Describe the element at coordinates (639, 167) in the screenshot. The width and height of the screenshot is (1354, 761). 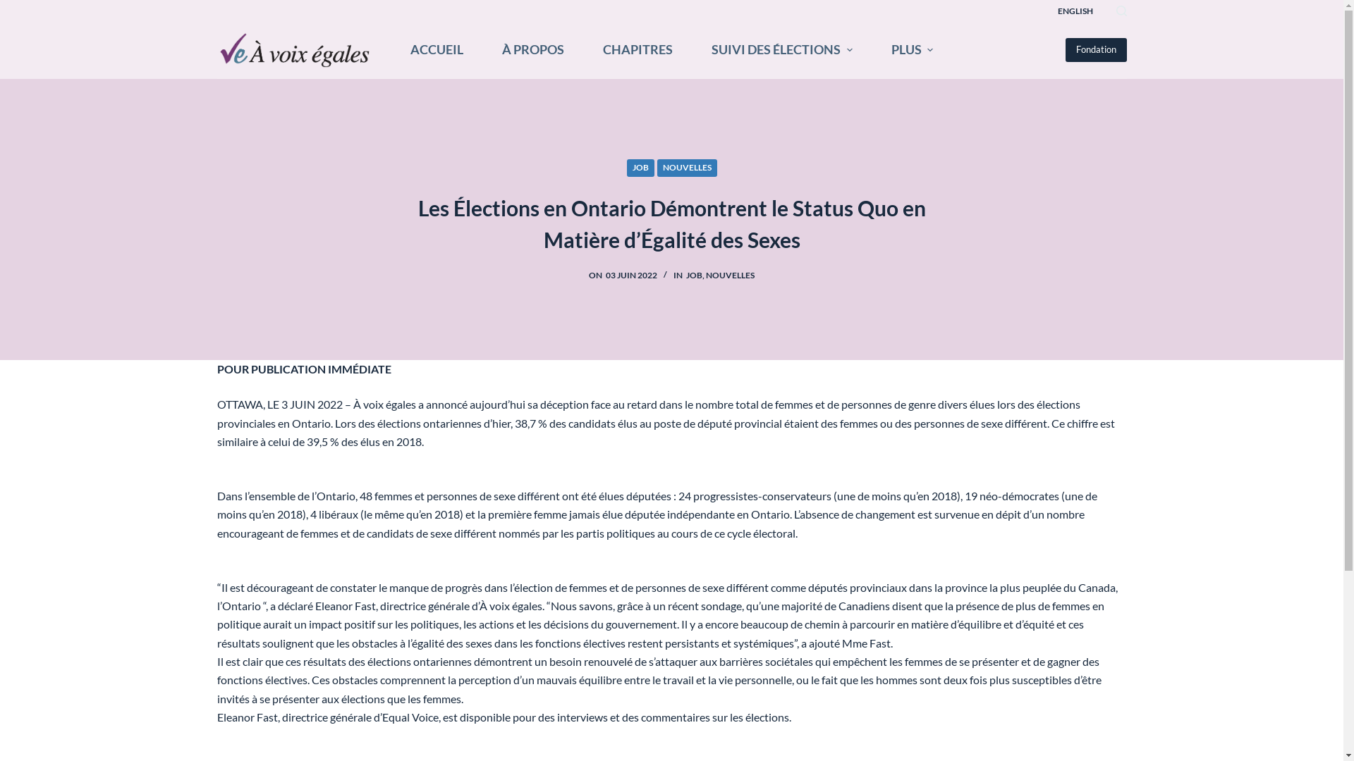
I see `'JOB'` at that location.